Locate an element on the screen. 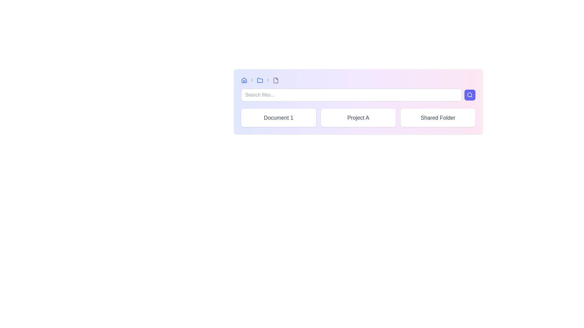  the search bar located at the top of the card to focus on it is located at coordinates (358, 95).